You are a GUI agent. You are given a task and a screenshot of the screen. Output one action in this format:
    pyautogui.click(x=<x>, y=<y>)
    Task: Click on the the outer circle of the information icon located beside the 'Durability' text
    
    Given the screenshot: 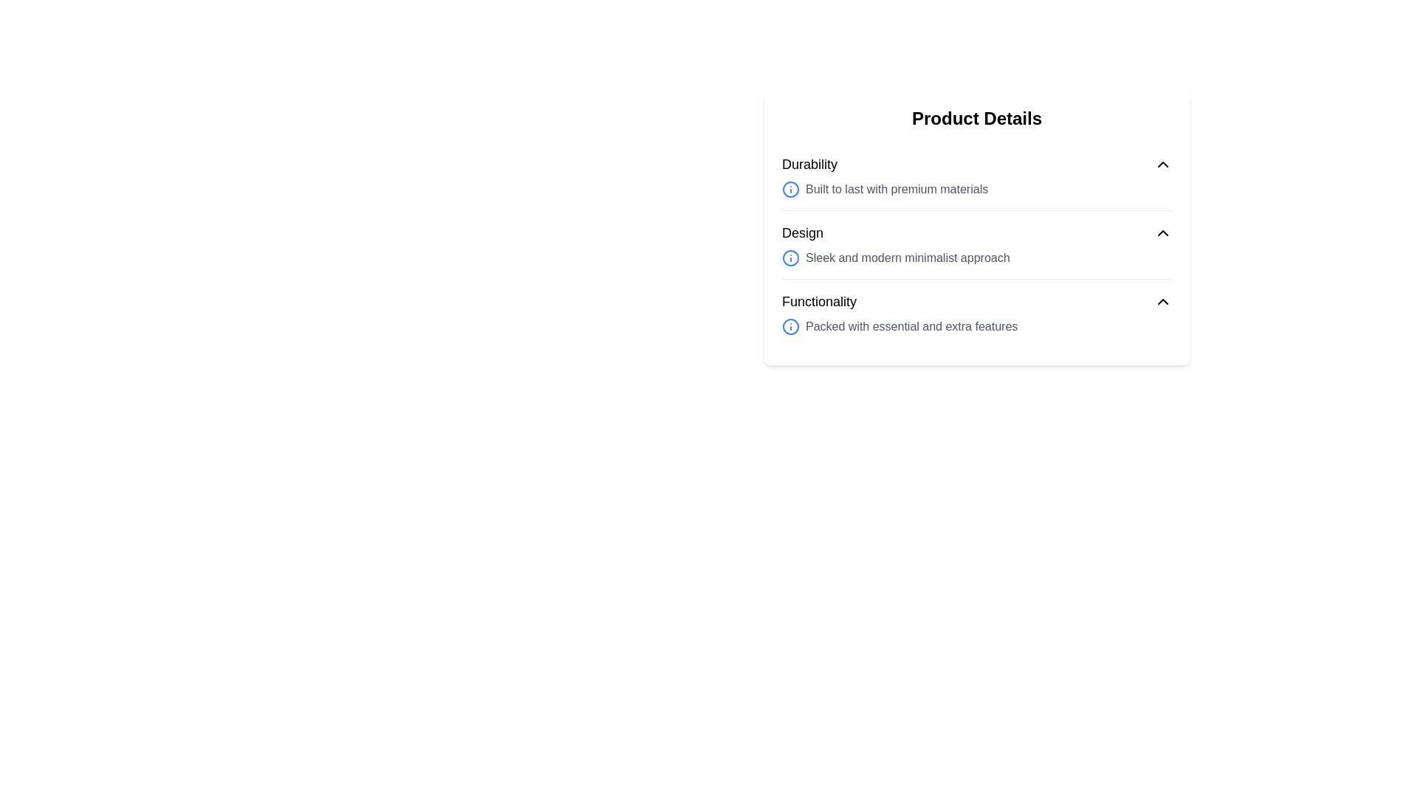 What is the action you would take?
    pyautogui.click(x=790, y=189)
    